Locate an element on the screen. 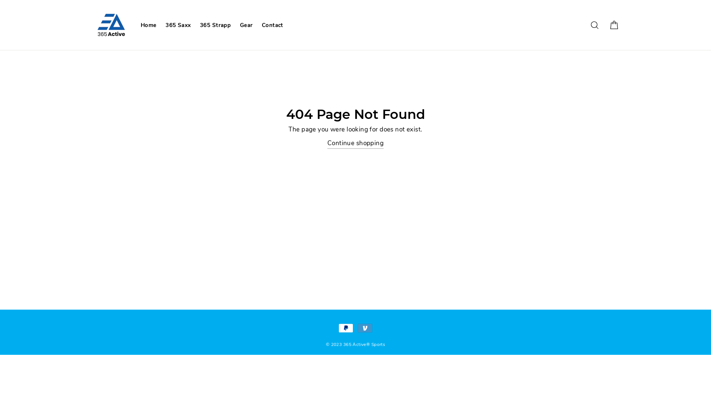 This screenshot has width=711, height=400. 'Contact' is located at coordinates (272, 24).